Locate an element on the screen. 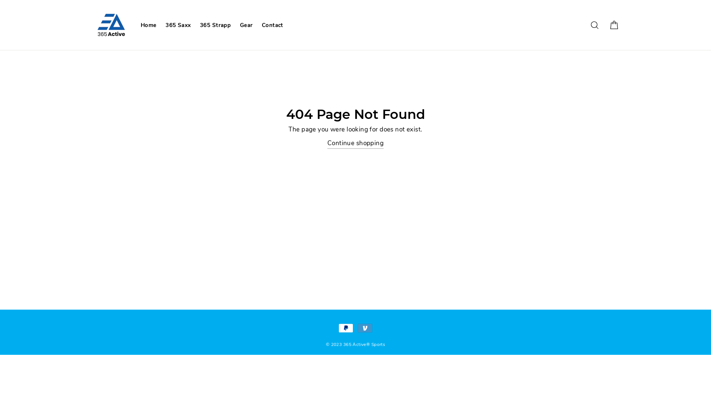 This screenshot has width=711, height=400. 'Contact' is located at coordinates (272, 24).